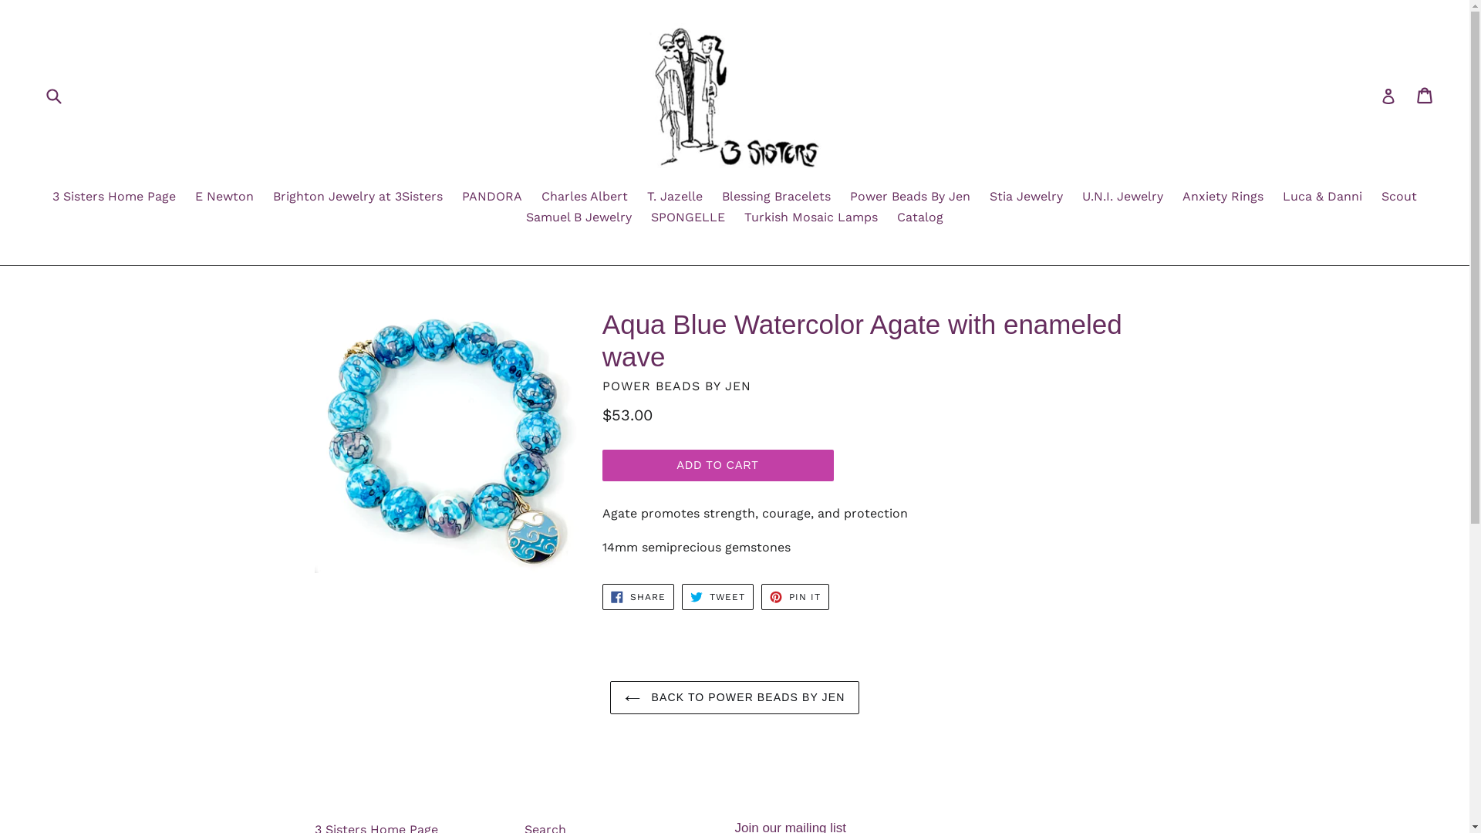  Describe the element at coordinates (980, 196) in the screenshot. I see `'Stia Jewelry'` at that location.